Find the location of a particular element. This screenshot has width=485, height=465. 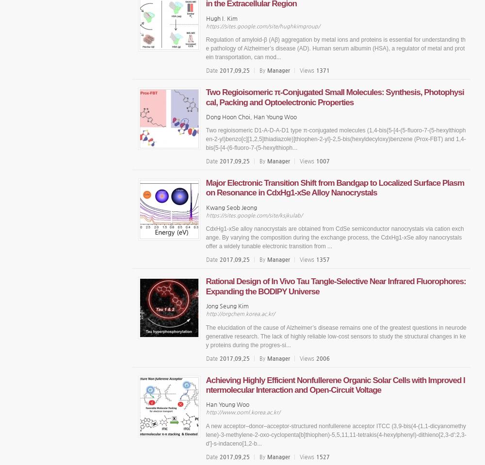

'Achieving Highly Efficient Nonfullerene Organic Solar Cells with Improved Intermolecular Interaction and Open-Circuit Voltage' is located at coordinates (206, 385).